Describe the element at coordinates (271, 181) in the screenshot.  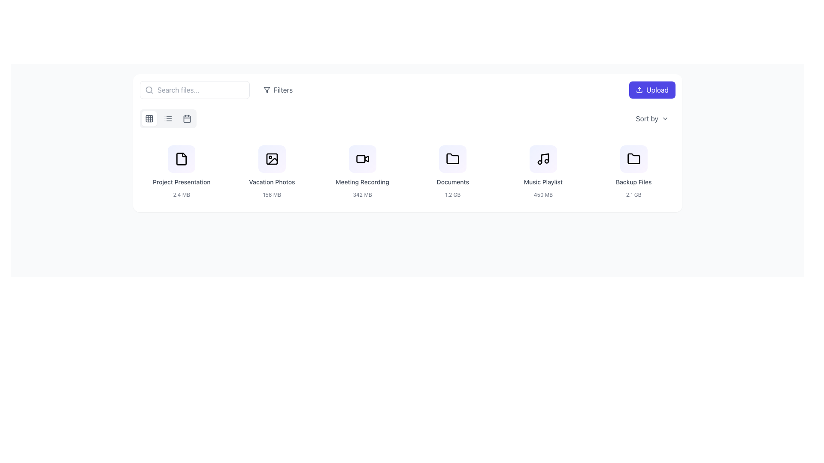
I see `the 'Vacation Photos' text label, which identifies the content type and is centrally positioned within the file grid, located under the 'Vacation Photos' icon and above the '156 MB' file size label` at that location.